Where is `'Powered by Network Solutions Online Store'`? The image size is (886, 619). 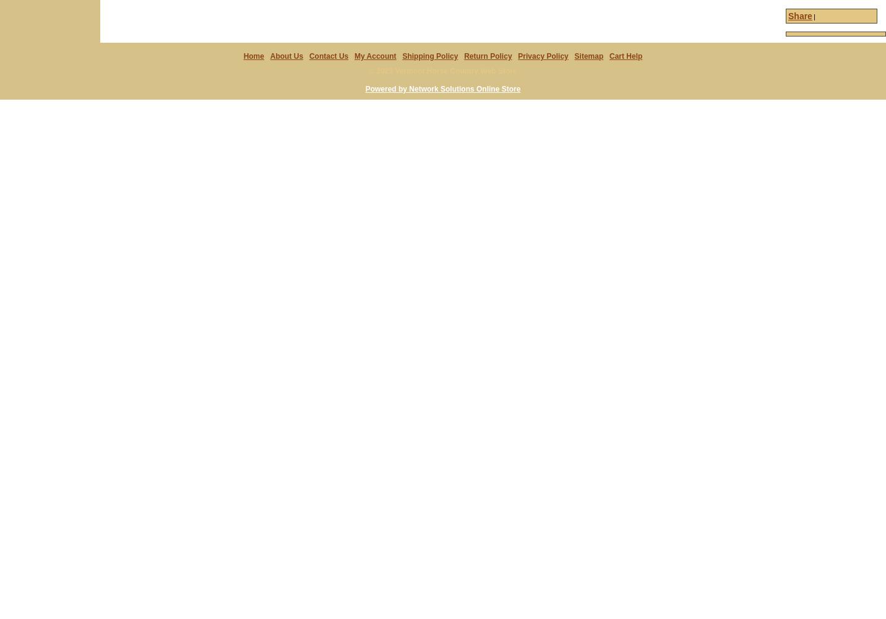
'Powered by Network Solutions Online Store' is located at coordinates (442, 89).